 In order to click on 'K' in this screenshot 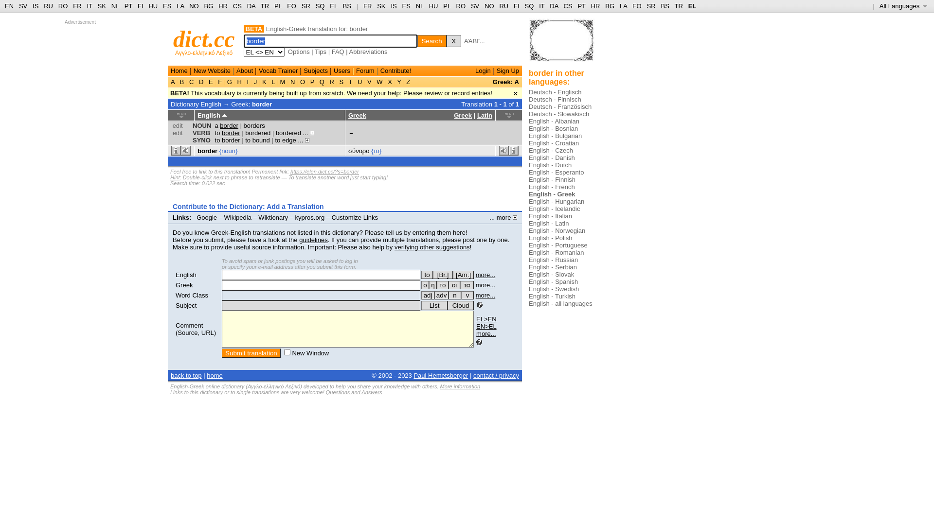, I will do `click(260, 81)`.